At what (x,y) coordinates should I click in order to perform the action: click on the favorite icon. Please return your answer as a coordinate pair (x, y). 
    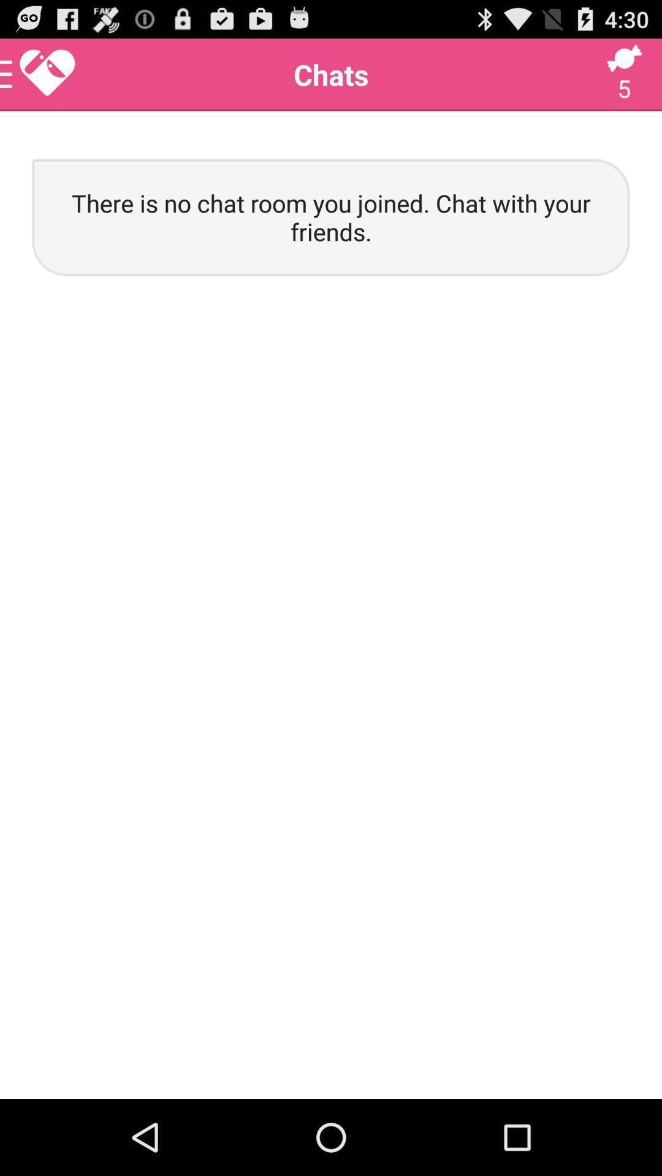
    Looking at the image, I should click on (37, 79).